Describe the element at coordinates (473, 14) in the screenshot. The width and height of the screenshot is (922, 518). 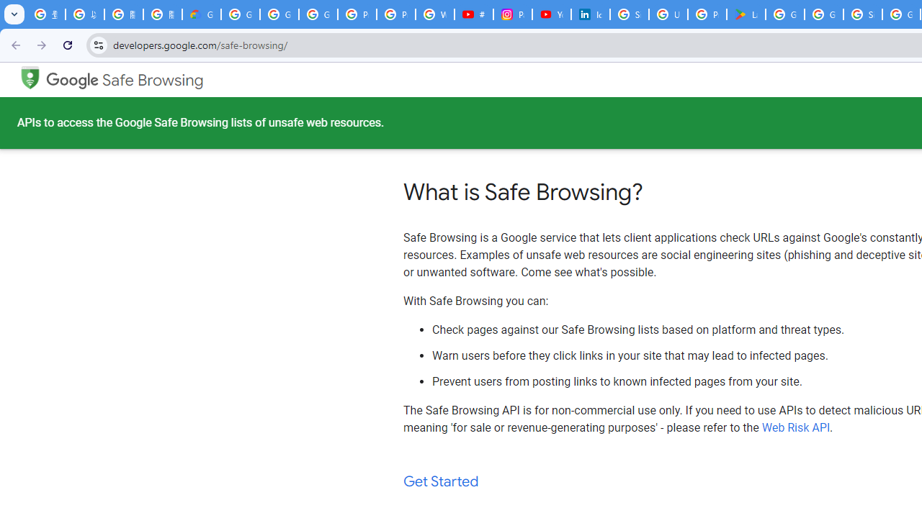
I see `'#nbabasketballhighlights - YouTube'` at that location.